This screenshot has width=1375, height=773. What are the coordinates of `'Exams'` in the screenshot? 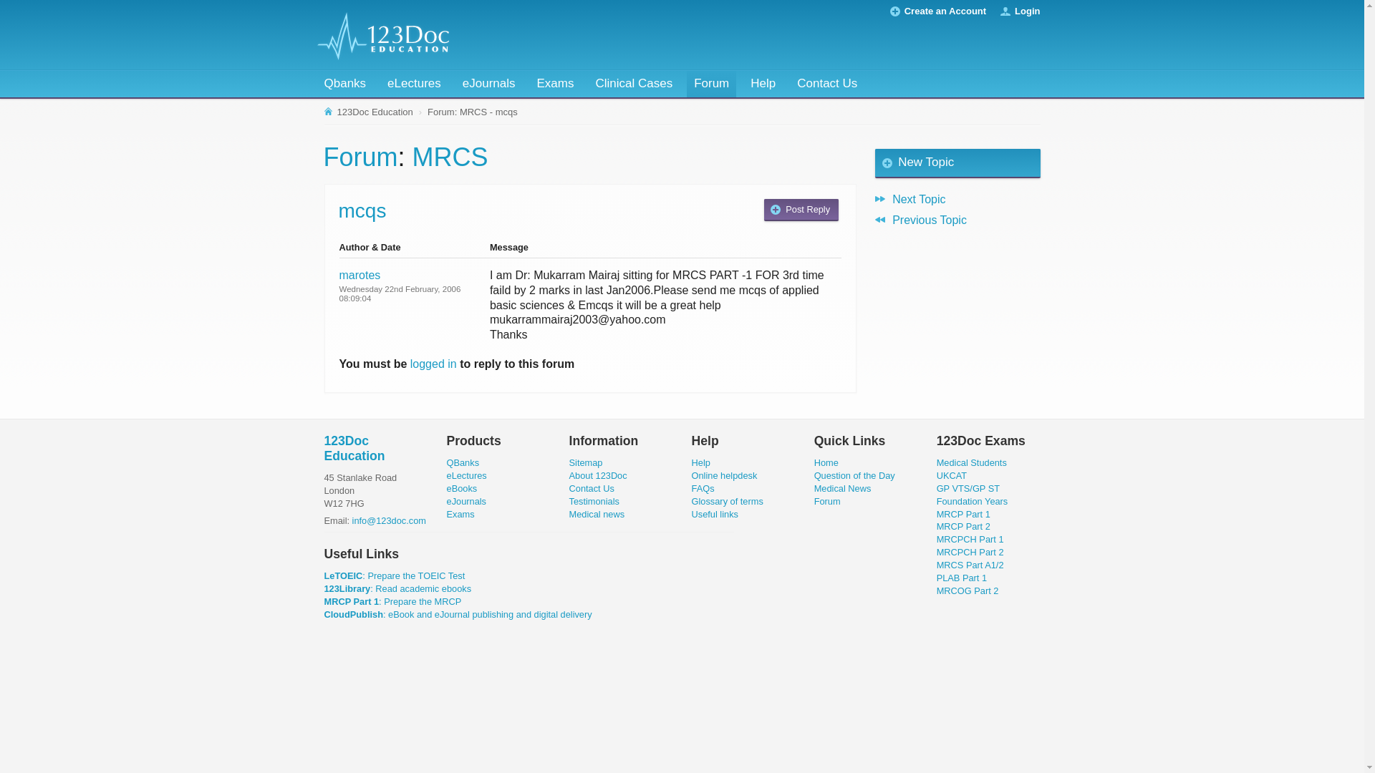 It's located at (554, 84).